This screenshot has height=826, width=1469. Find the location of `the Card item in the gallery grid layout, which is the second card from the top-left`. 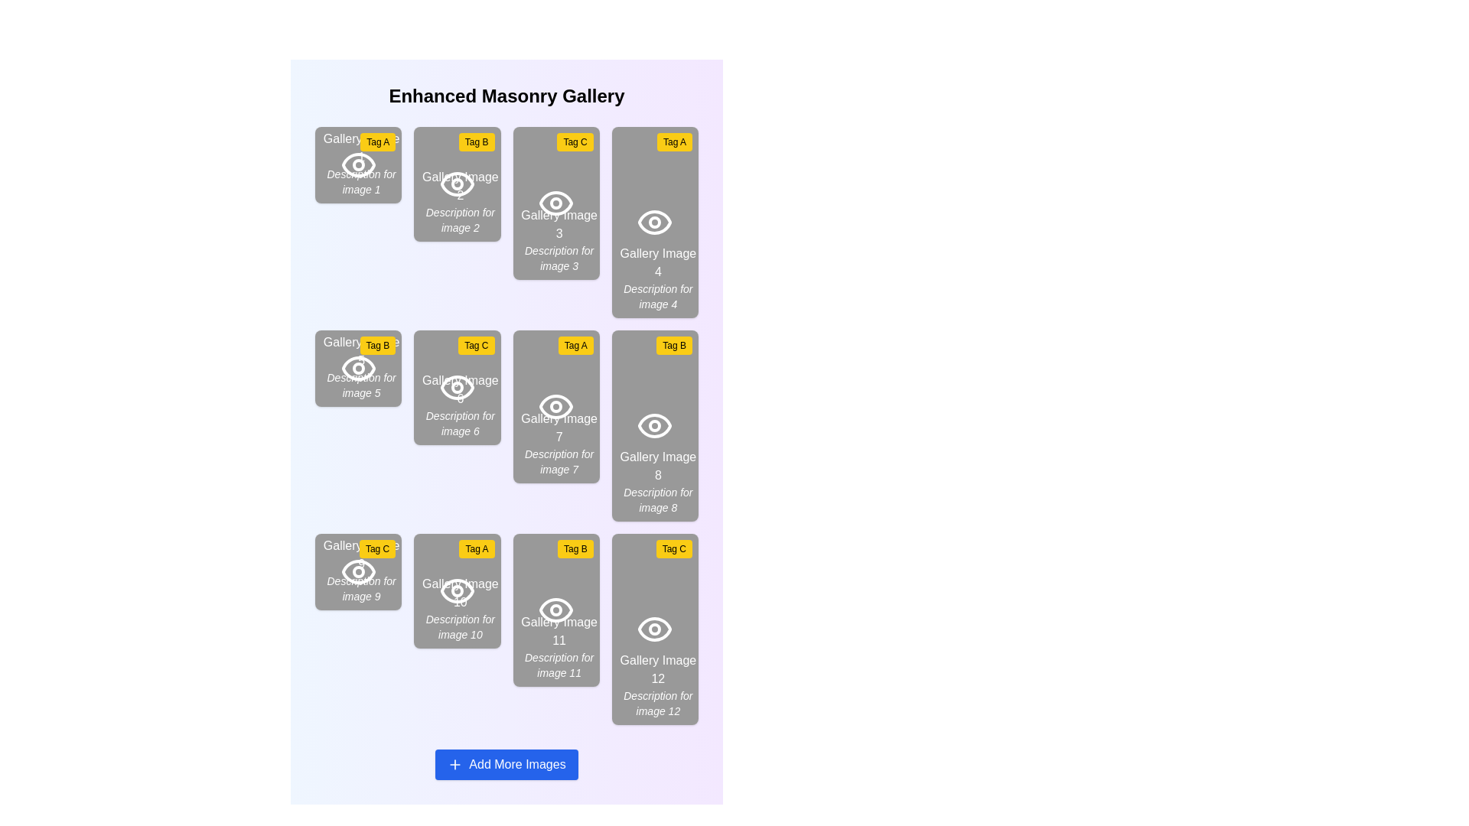

the Card item in the gallery grid layout, which is the second card from the top-left is located at coordinates (456, 183).